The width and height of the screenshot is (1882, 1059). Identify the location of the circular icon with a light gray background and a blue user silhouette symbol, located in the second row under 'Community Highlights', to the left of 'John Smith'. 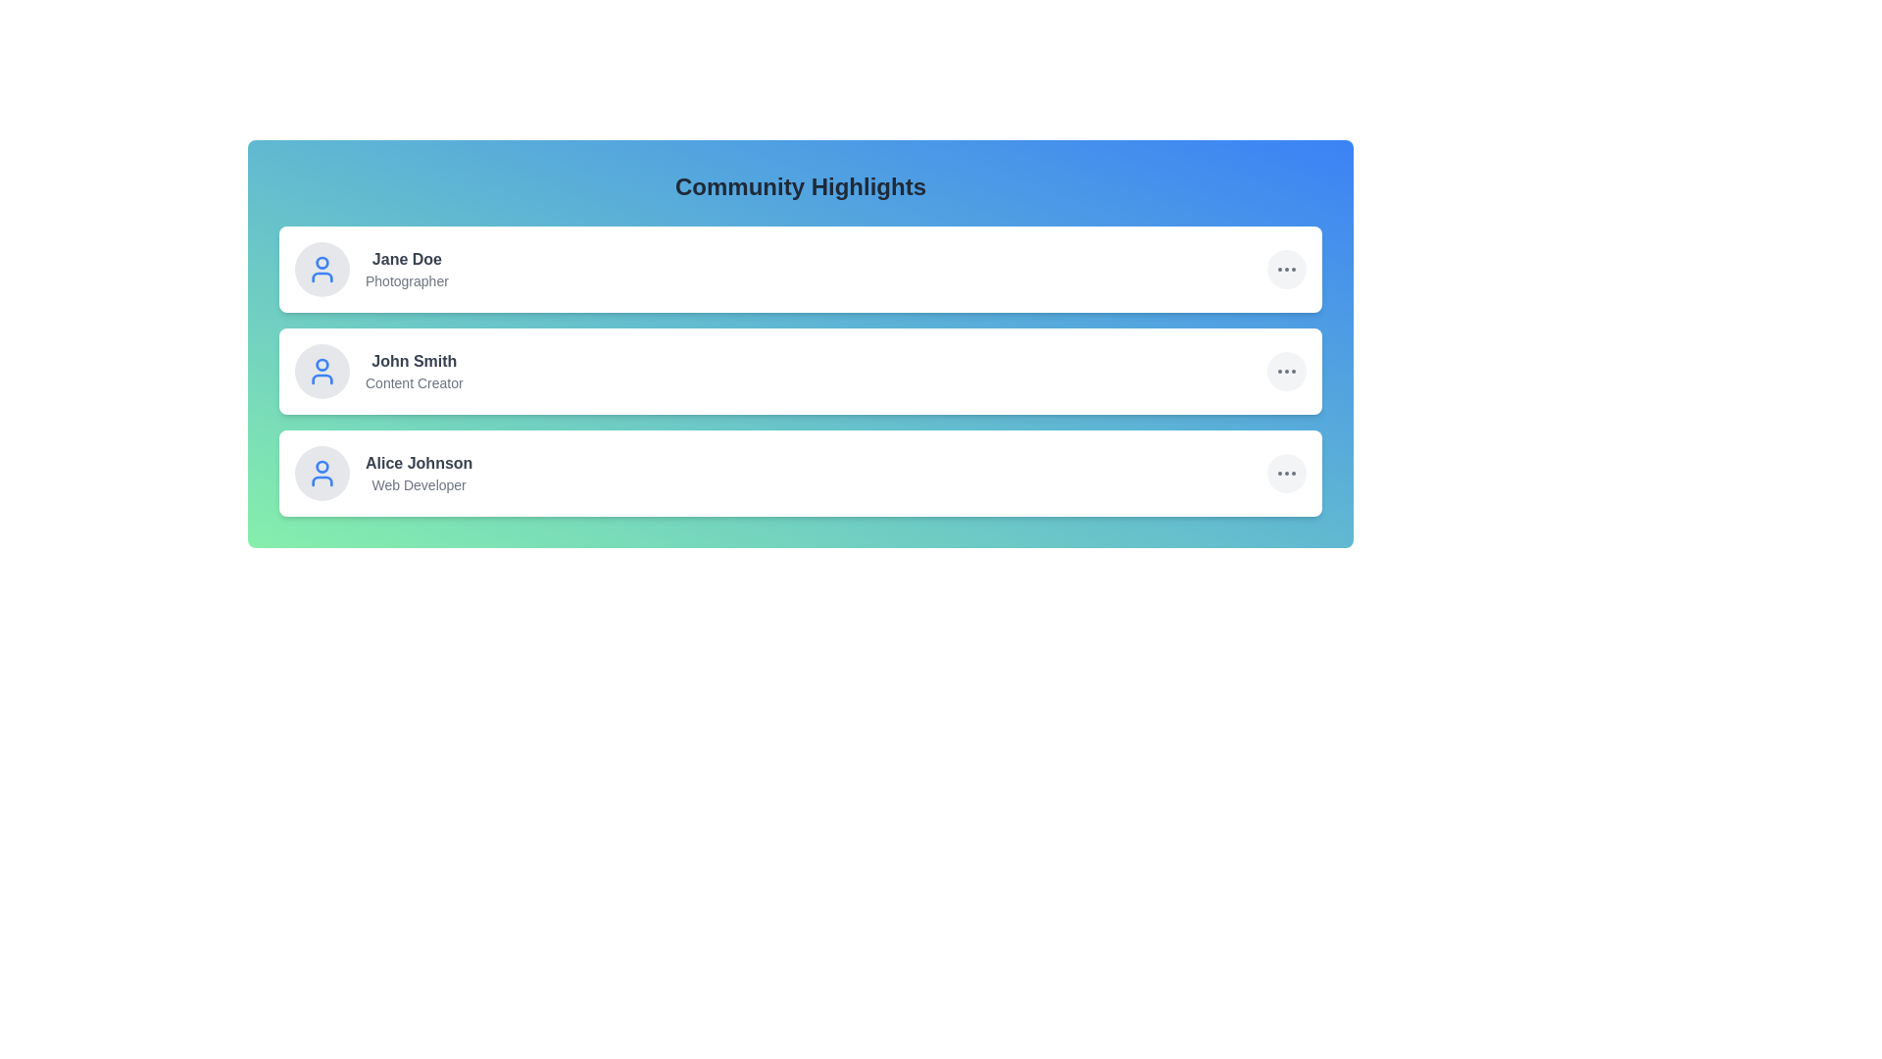
(322, 371).